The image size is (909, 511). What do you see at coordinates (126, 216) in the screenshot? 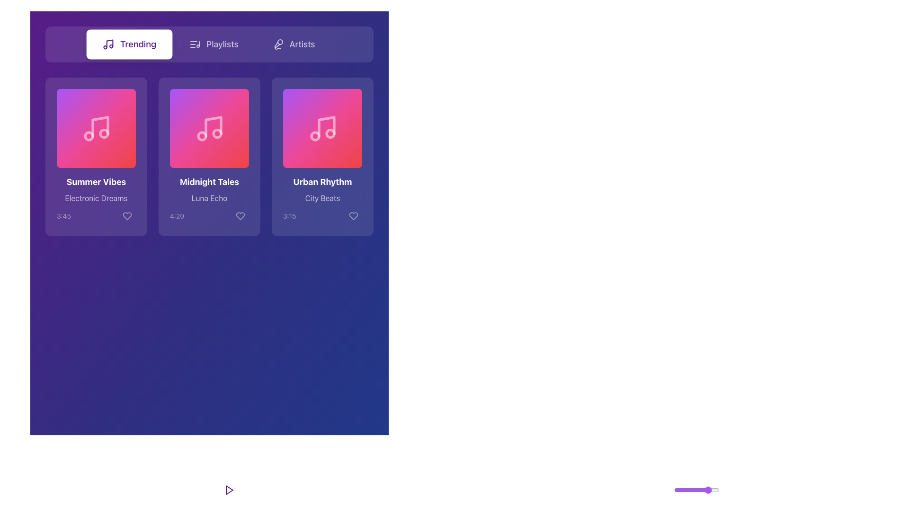
I see `the 'like' or 'favorite' button for the 'Summer Vibes' card located at the bottom right corner of the card` at bounding box center [126, 216].